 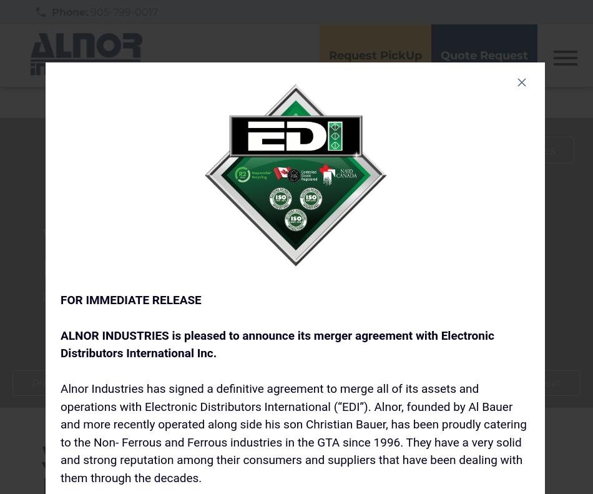 I want to click on 'December 16, 2014', so click(x=95, y=295).